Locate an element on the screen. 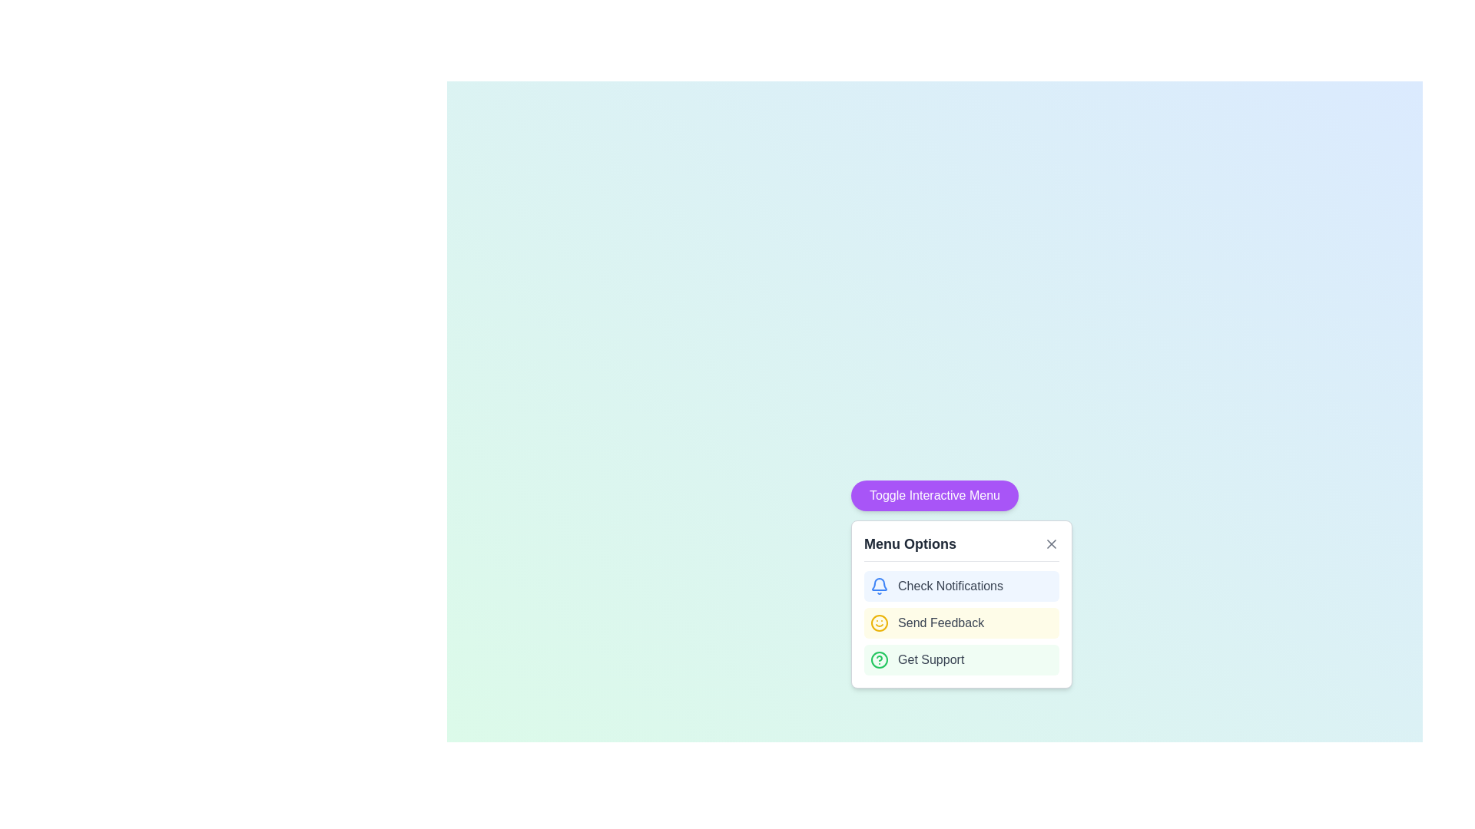 This screenshot has width=1475, height=829. the light blue button labeled 'Check Notifications' that contains a blue bell icon is located at coordinates (961, 586).